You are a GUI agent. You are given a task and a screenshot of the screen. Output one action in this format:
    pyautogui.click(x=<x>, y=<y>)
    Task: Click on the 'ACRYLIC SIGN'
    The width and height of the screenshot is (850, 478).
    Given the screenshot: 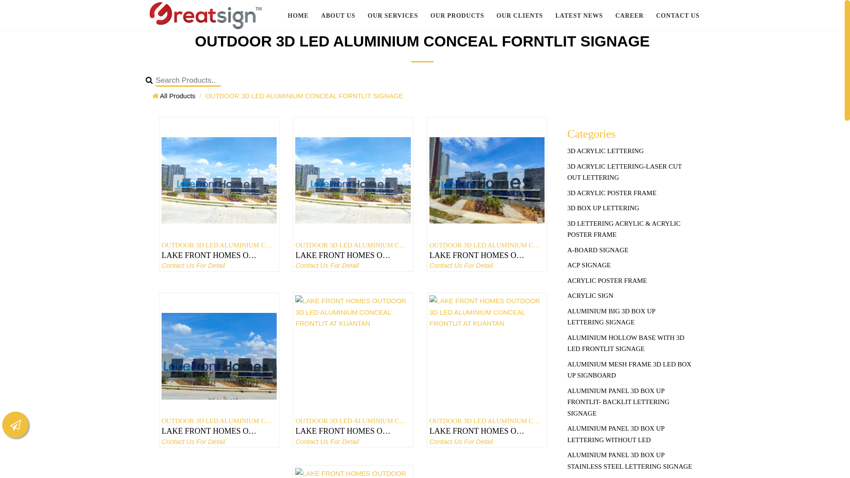 What is the action you would take?
    pyautogui.click(x=630, y=296)
    